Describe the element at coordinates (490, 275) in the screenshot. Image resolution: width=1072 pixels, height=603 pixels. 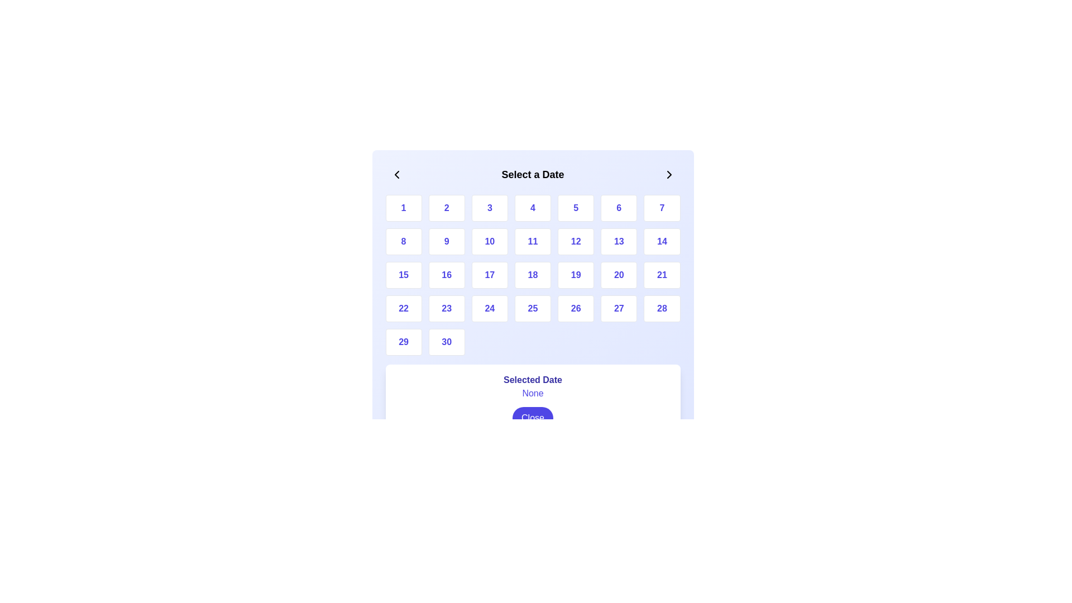
I see `the button representing the 17th day of the month in a calendar interface` at that location.